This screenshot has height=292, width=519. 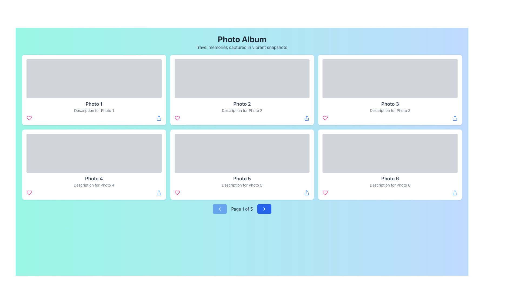 What do you see at coordinates (325, 193) in the screenshot?
I see `the 'like' icon button located at the bottom-left corner of 'Photo 6'` at bounding box center [325, 193].